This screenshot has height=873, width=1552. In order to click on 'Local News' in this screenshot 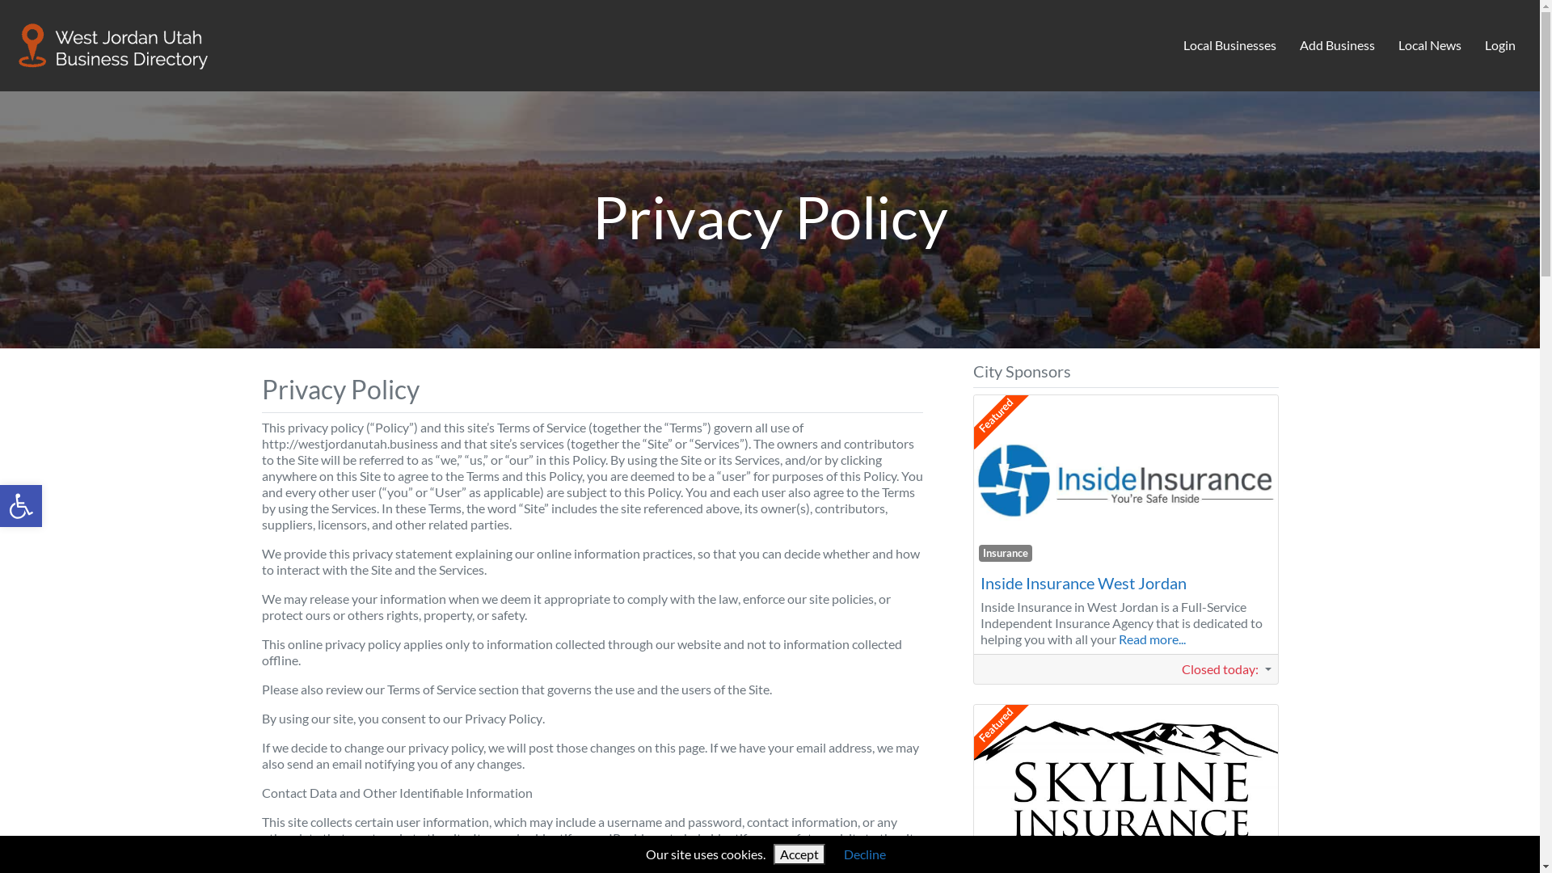, I will do `click(1385, 45)`.